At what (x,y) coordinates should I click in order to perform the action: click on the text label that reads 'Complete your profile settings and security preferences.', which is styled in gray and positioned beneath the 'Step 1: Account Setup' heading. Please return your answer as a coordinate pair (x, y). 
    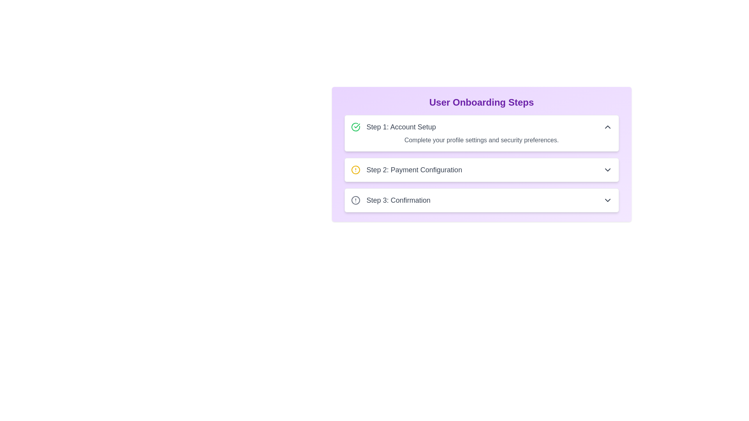
    Looking at the image, I should click on (481, 140).